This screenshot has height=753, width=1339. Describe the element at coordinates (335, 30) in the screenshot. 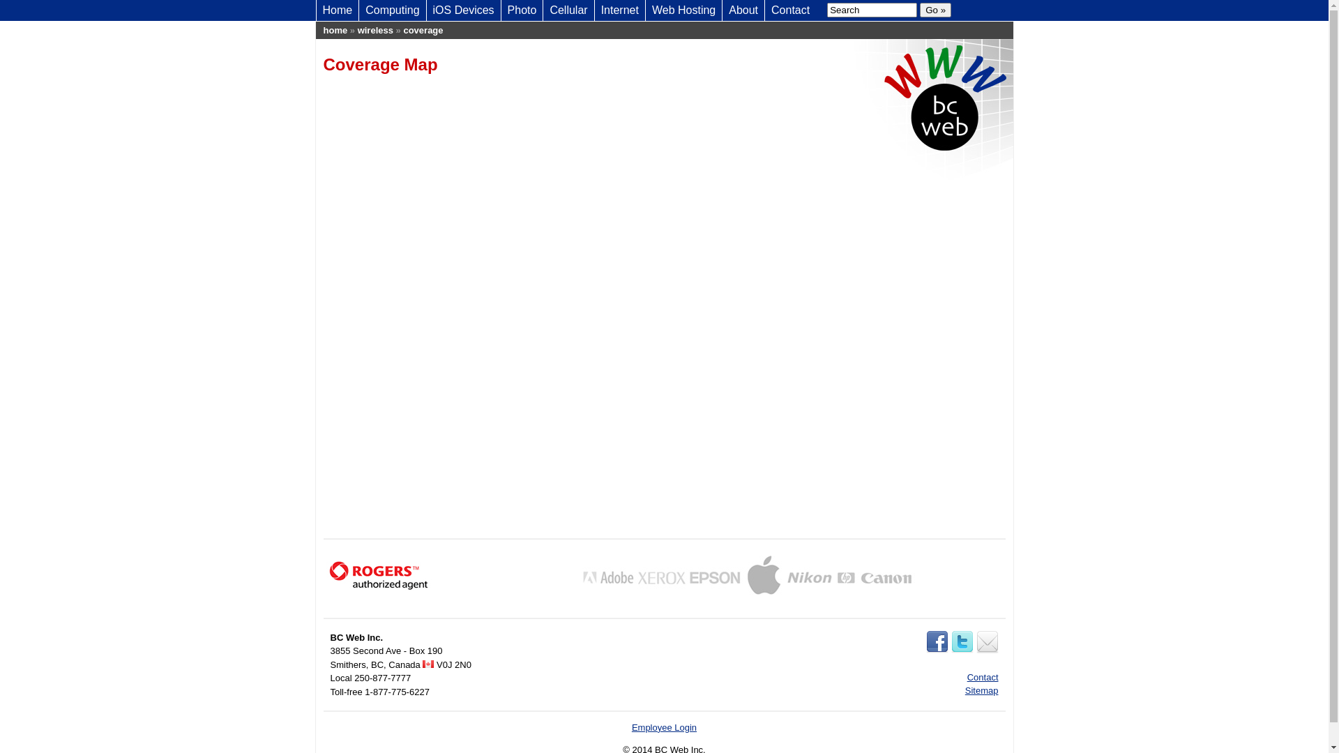

I see `'home'` at that location.